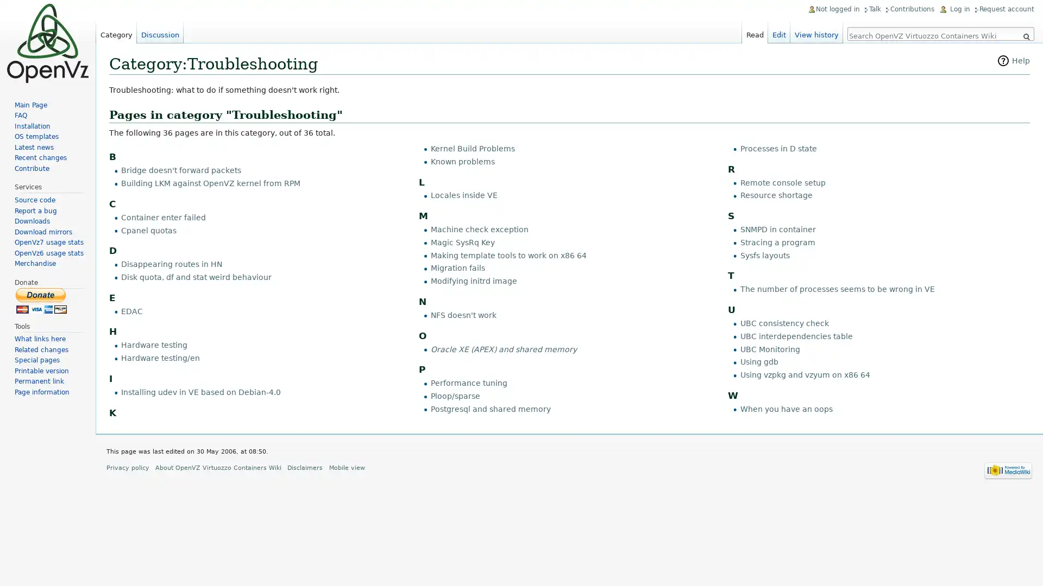  What do you see at coordinates (41, 300) in the screenshot?
I see `PayPal - The safer, easier way to pay online!` at bounding box center [41, 300].